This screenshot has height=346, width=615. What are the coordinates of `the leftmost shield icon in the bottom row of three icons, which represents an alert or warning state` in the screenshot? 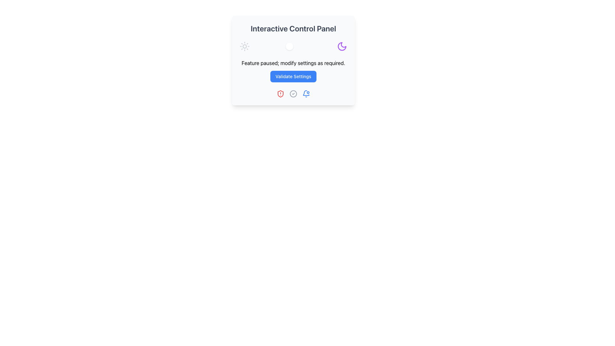 It's located at (280, 94).